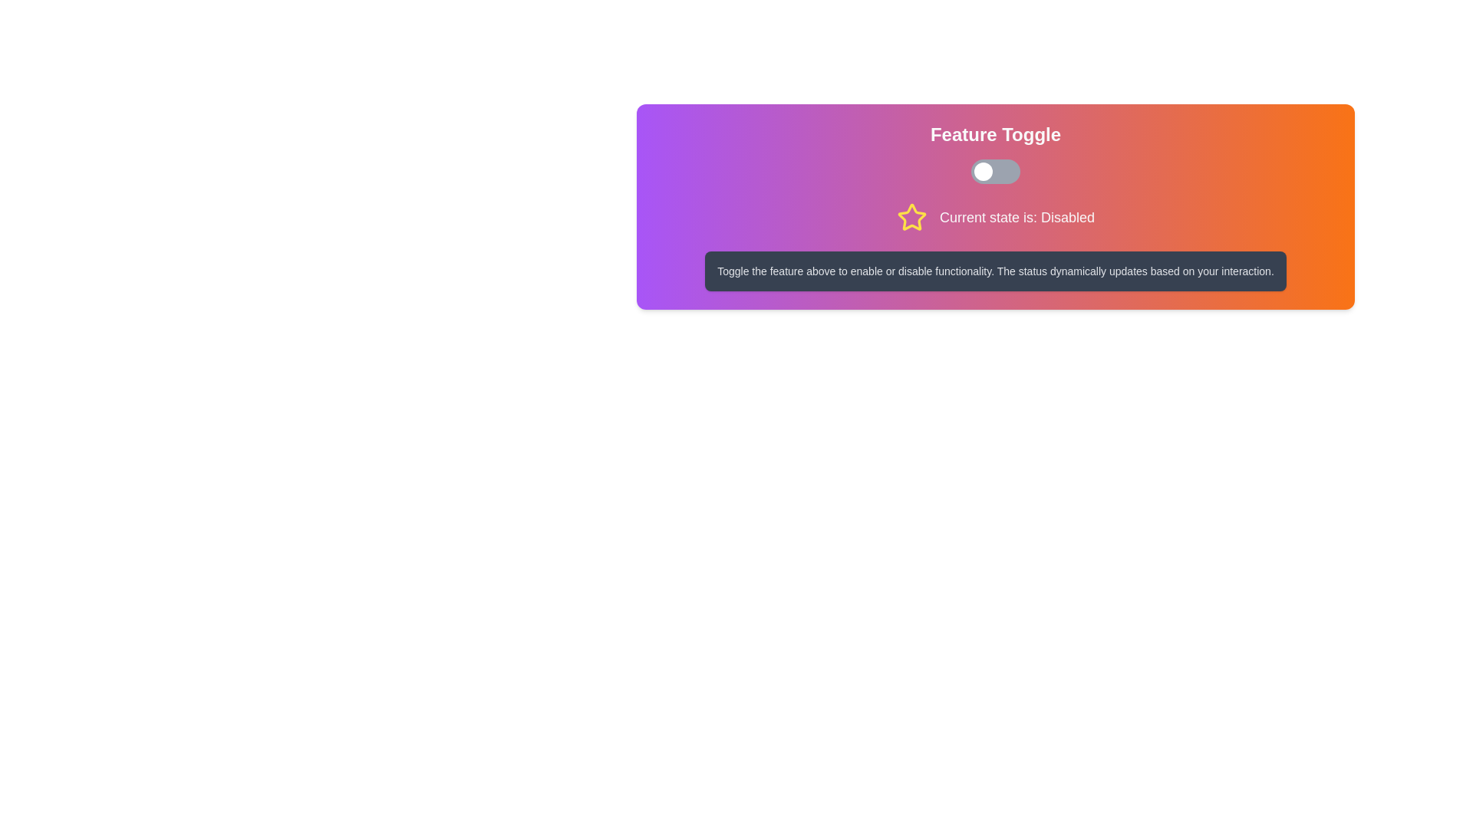 The height and width of the screenshot is (828, 1473). I want to click on the text label displaying 'Current state is: Disabled', which is located below the 'Feature Toggle' switch and to the right of a star-shaped icon, so click(1017, 218).